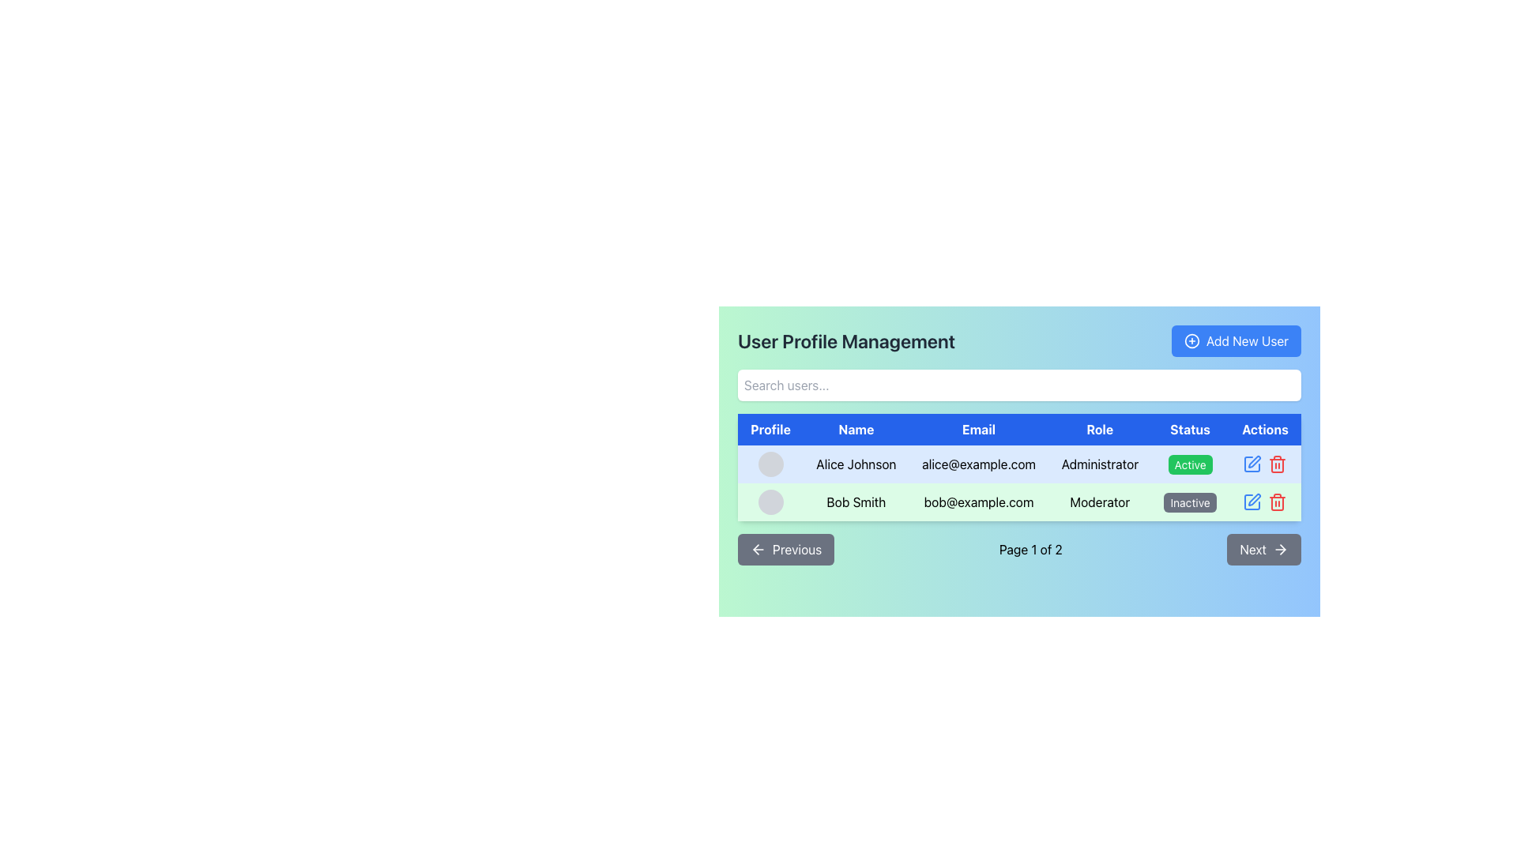 This screenshot has width=1517, height=853. What do you see at coordinates (1278, 465) in the screenshot?
I see `the middle part of the trash bin icon representing the delete action in the 'Actions' column of the user management table` at bounding box center [1278, 465].